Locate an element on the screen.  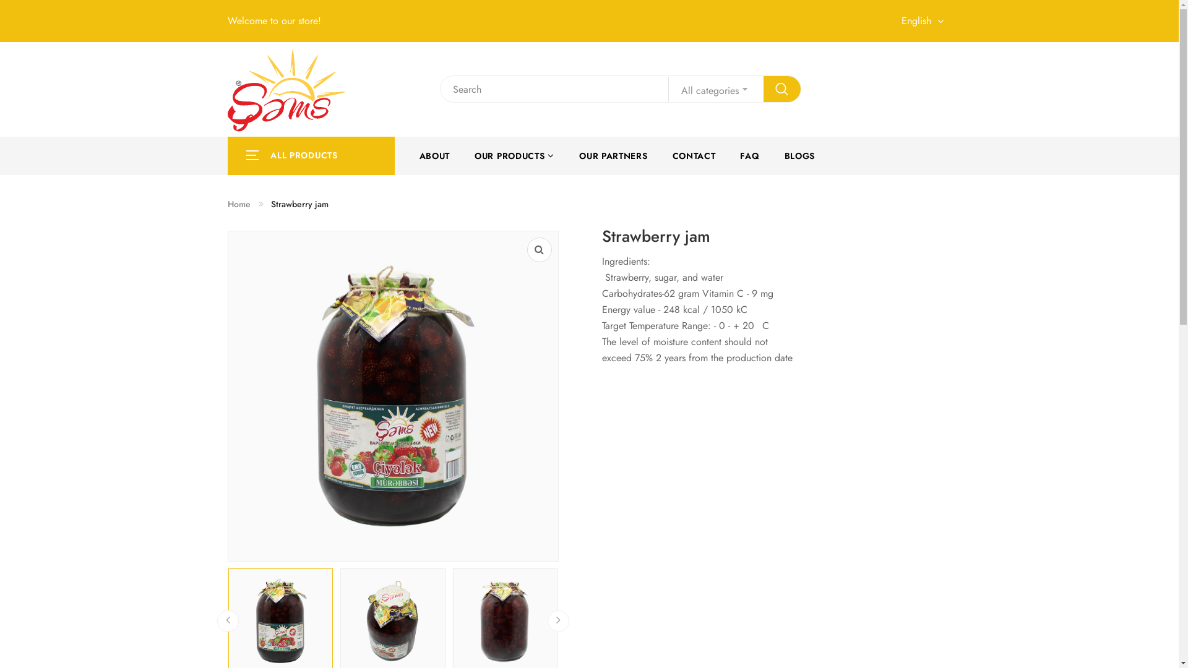
'Home' is located at coordinates (228, 203).